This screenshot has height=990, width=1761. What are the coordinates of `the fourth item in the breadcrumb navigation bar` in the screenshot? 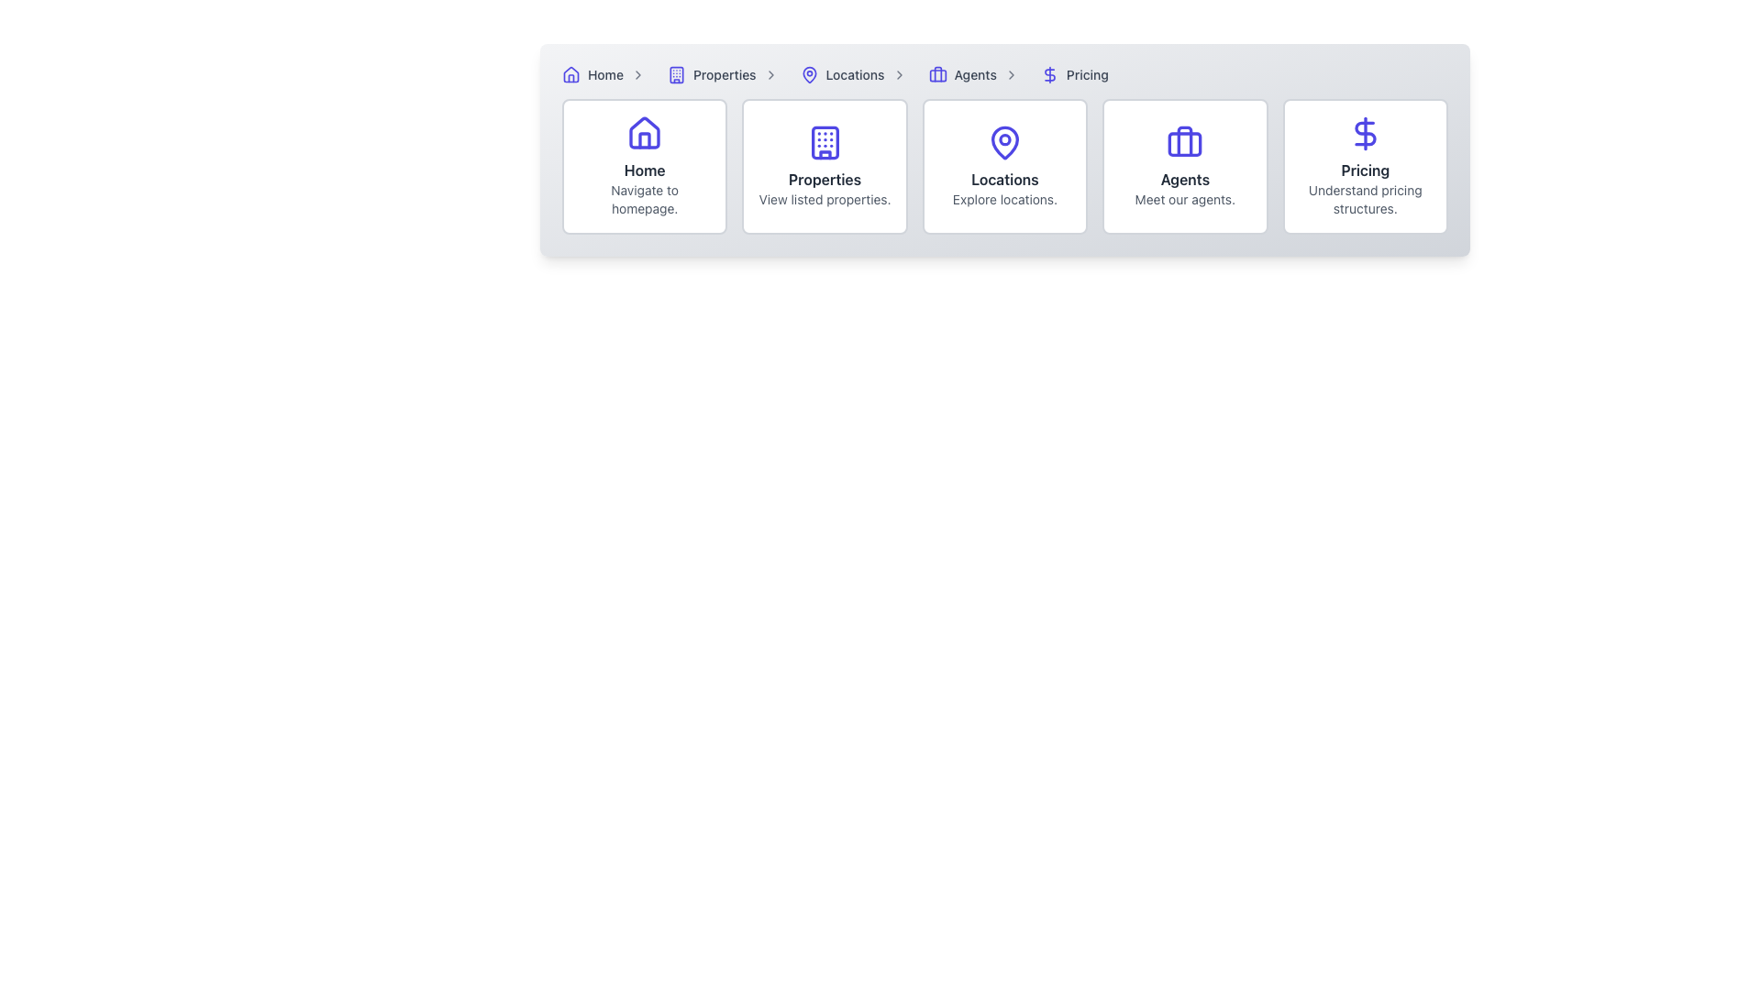 It's located at (976, 73).